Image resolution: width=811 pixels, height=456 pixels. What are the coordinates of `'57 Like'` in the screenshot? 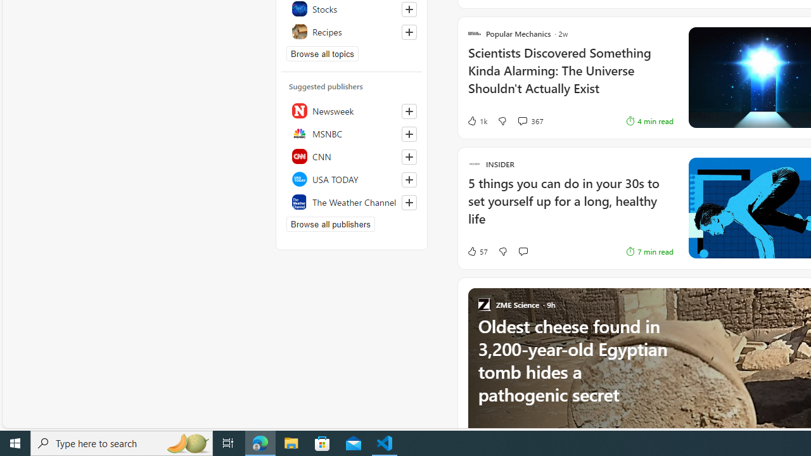 It's located at (476, 251).